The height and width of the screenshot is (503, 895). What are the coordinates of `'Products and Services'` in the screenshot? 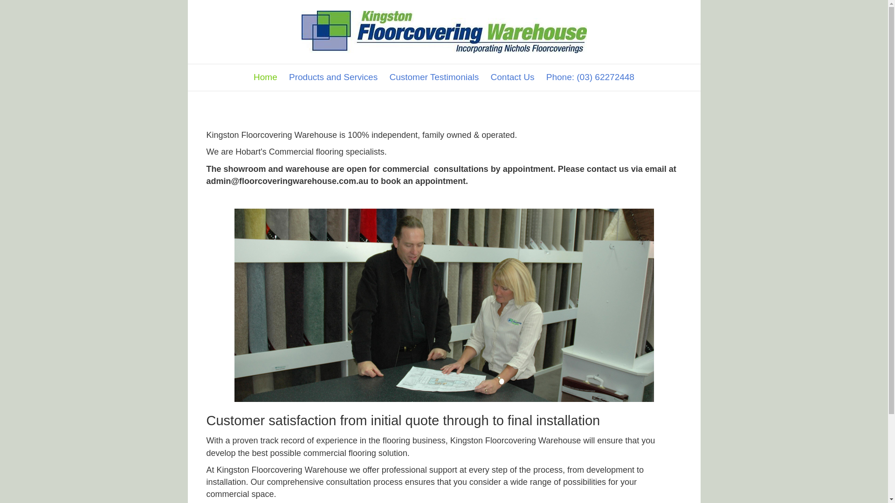 It's located at (333, 77).